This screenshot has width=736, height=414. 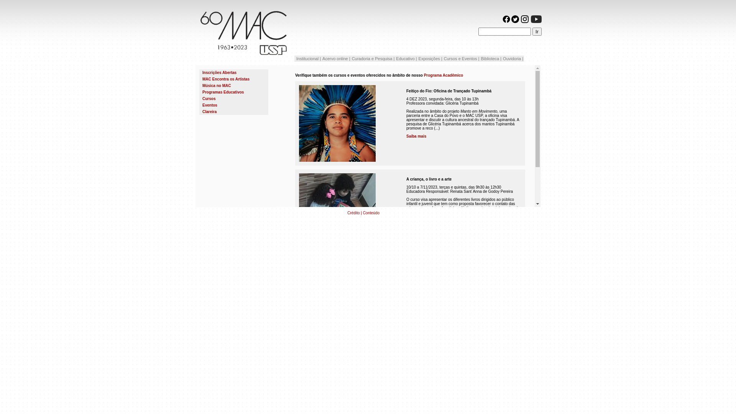 What do you see at coordinates (222, 92) in the screenshot?
I see `'Programas Educativos'` at bounding box center [222, 92].